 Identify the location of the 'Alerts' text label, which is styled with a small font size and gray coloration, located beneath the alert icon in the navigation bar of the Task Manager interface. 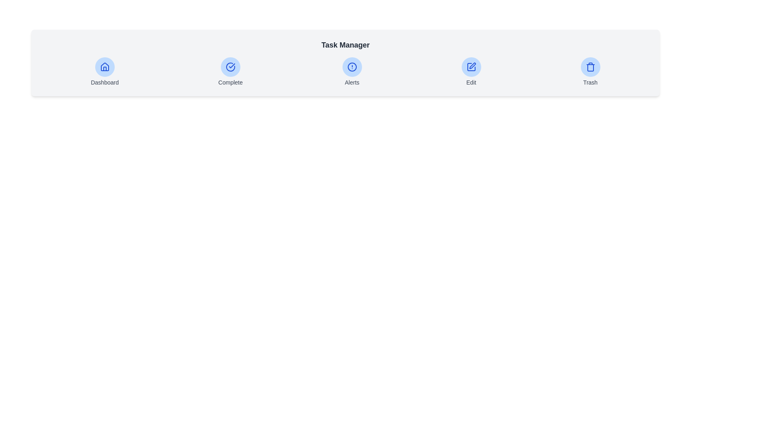
(352, 83).